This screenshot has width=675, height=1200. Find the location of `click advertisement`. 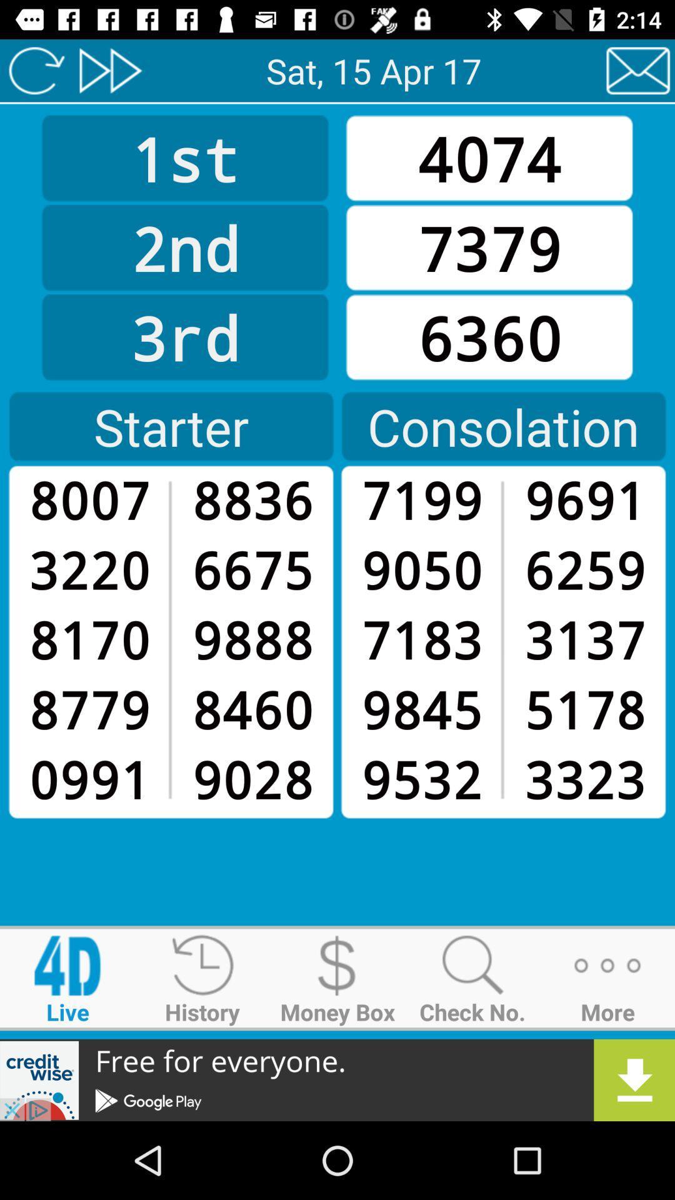

click advertisement is located at coordinates (337, 1079).